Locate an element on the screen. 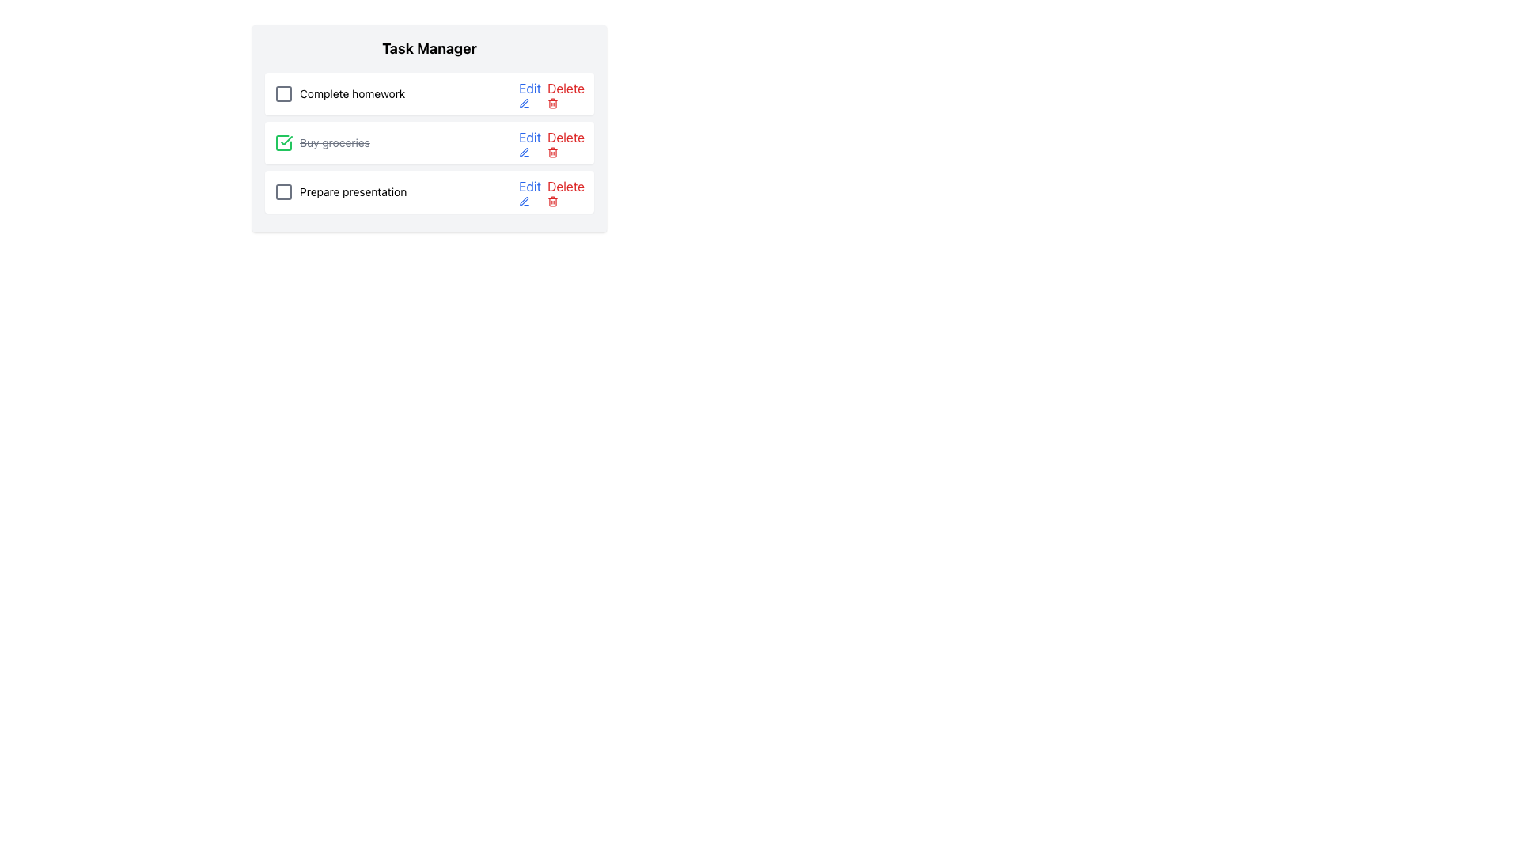 The width and height of the screenshot is (1519, 854). the blue 'Edit' button with an underline effect, located to the right of the 'Complete homework' task description is located at coordinates (530, 94).